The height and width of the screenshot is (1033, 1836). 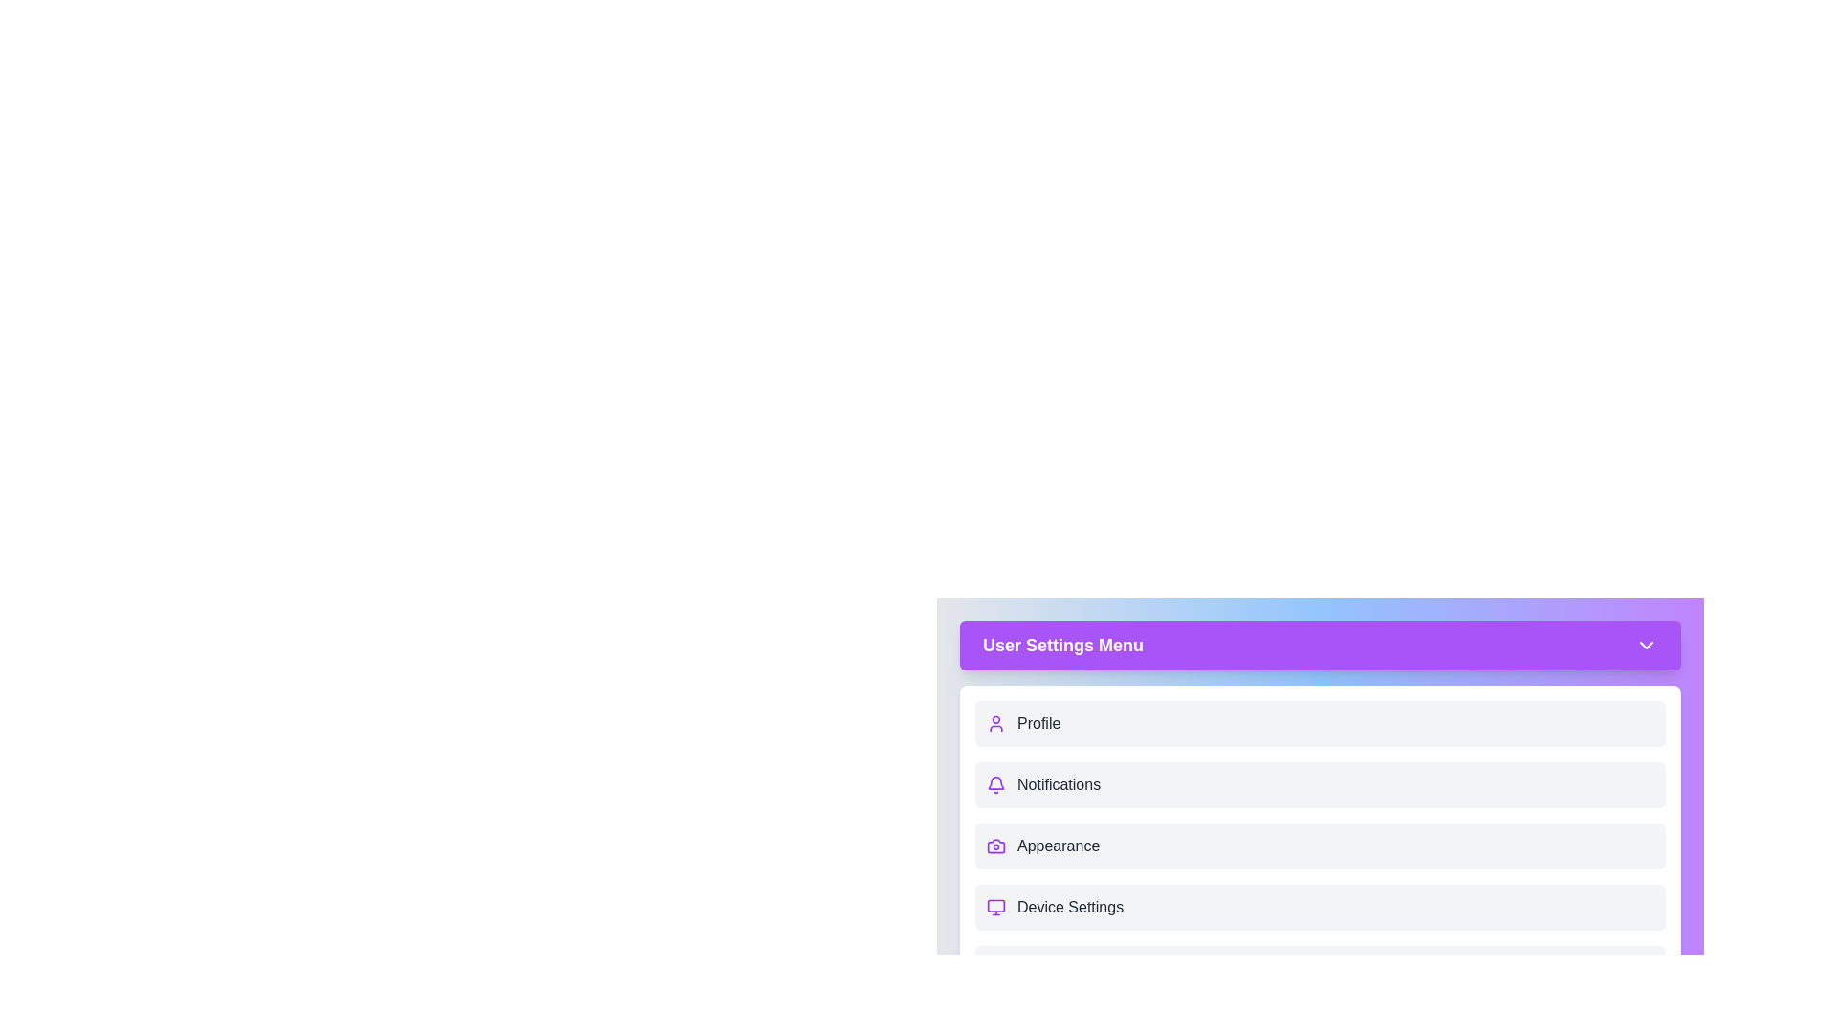 What do you see at coordinates (1320, 906) in the screenshot?
I see `the menu item Device Settings from the User Settings Menu` at bounding box center [1320, 906].